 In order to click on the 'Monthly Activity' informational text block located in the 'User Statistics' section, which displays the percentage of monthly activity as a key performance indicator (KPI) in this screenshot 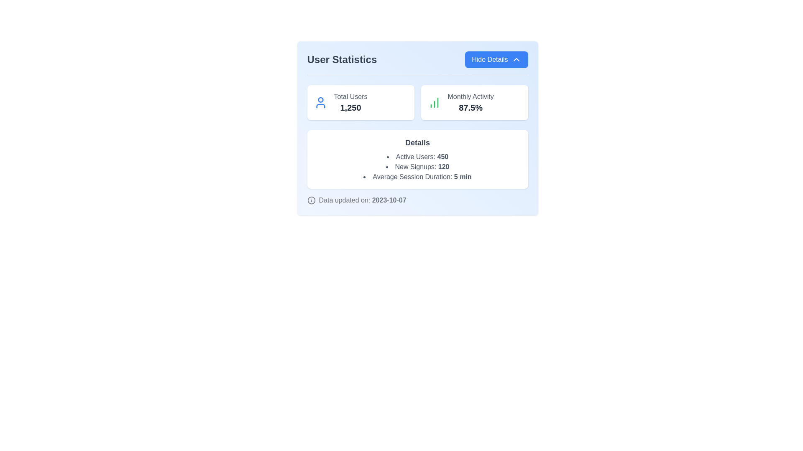, I will do `click(471, 102)`.